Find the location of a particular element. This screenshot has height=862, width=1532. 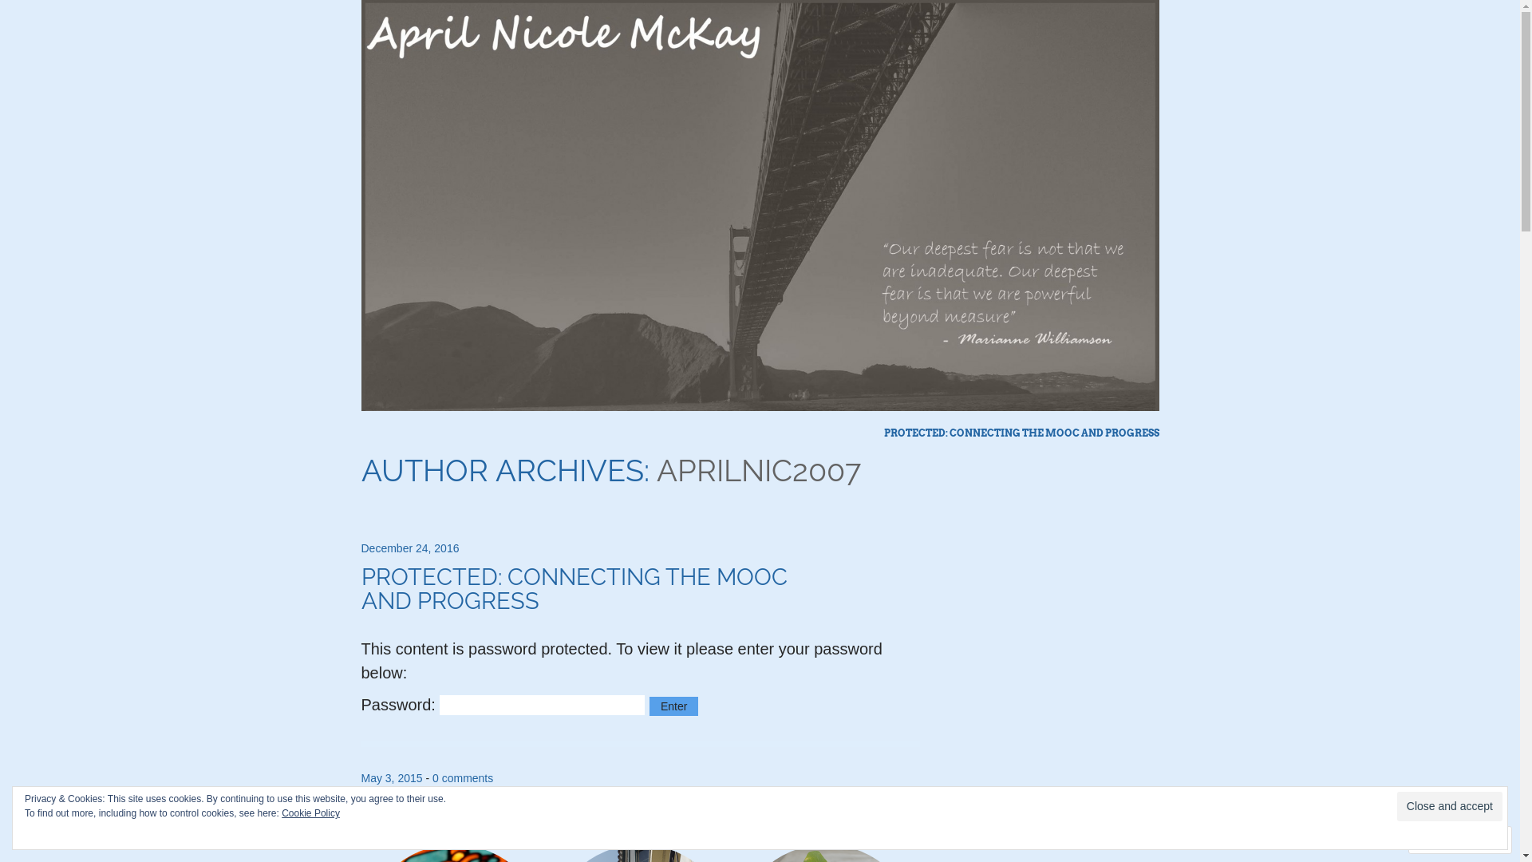

'May 3, 2015' is located at coordinates (391, 777).